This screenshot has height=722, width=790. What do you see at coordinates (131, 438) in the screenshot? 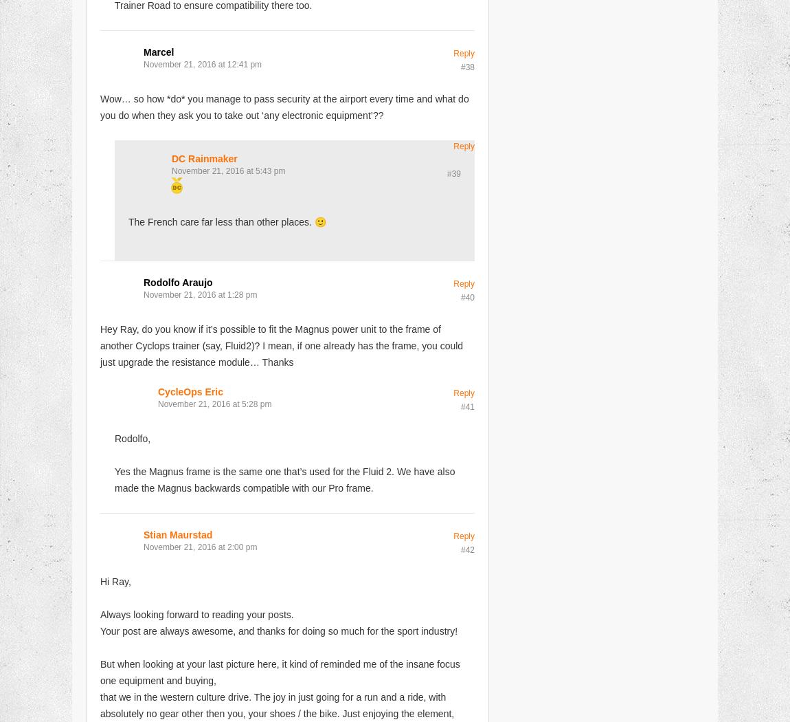
I see `'Rodolfo,'` at bounding box center [131, 438].